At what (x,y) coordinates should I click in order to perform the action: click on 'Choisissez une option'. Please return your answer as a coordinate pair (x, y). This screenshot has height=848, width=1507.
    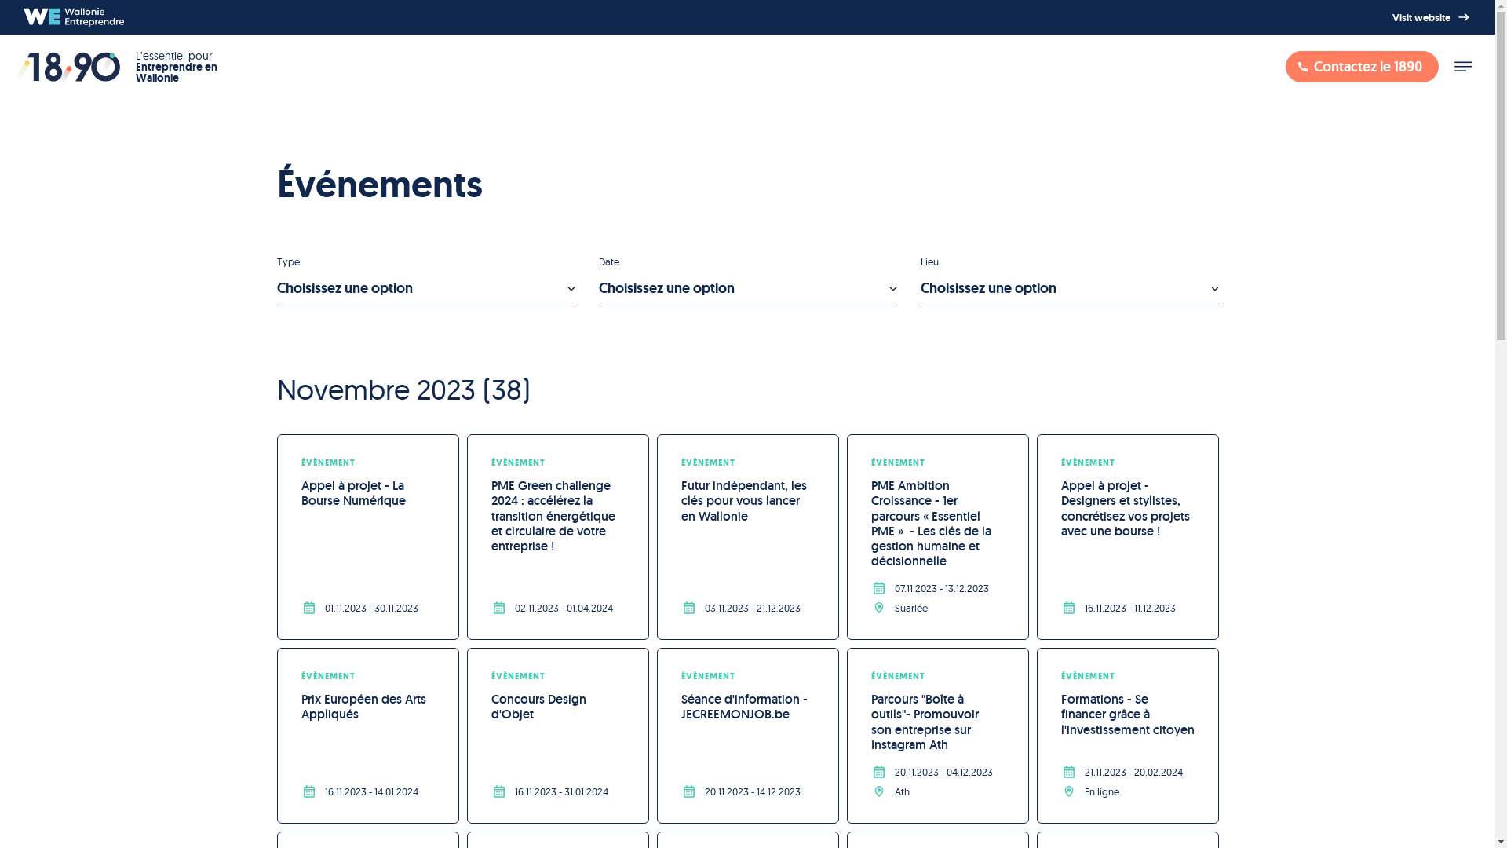
    Looking at the image, I should click on (1068, 289).